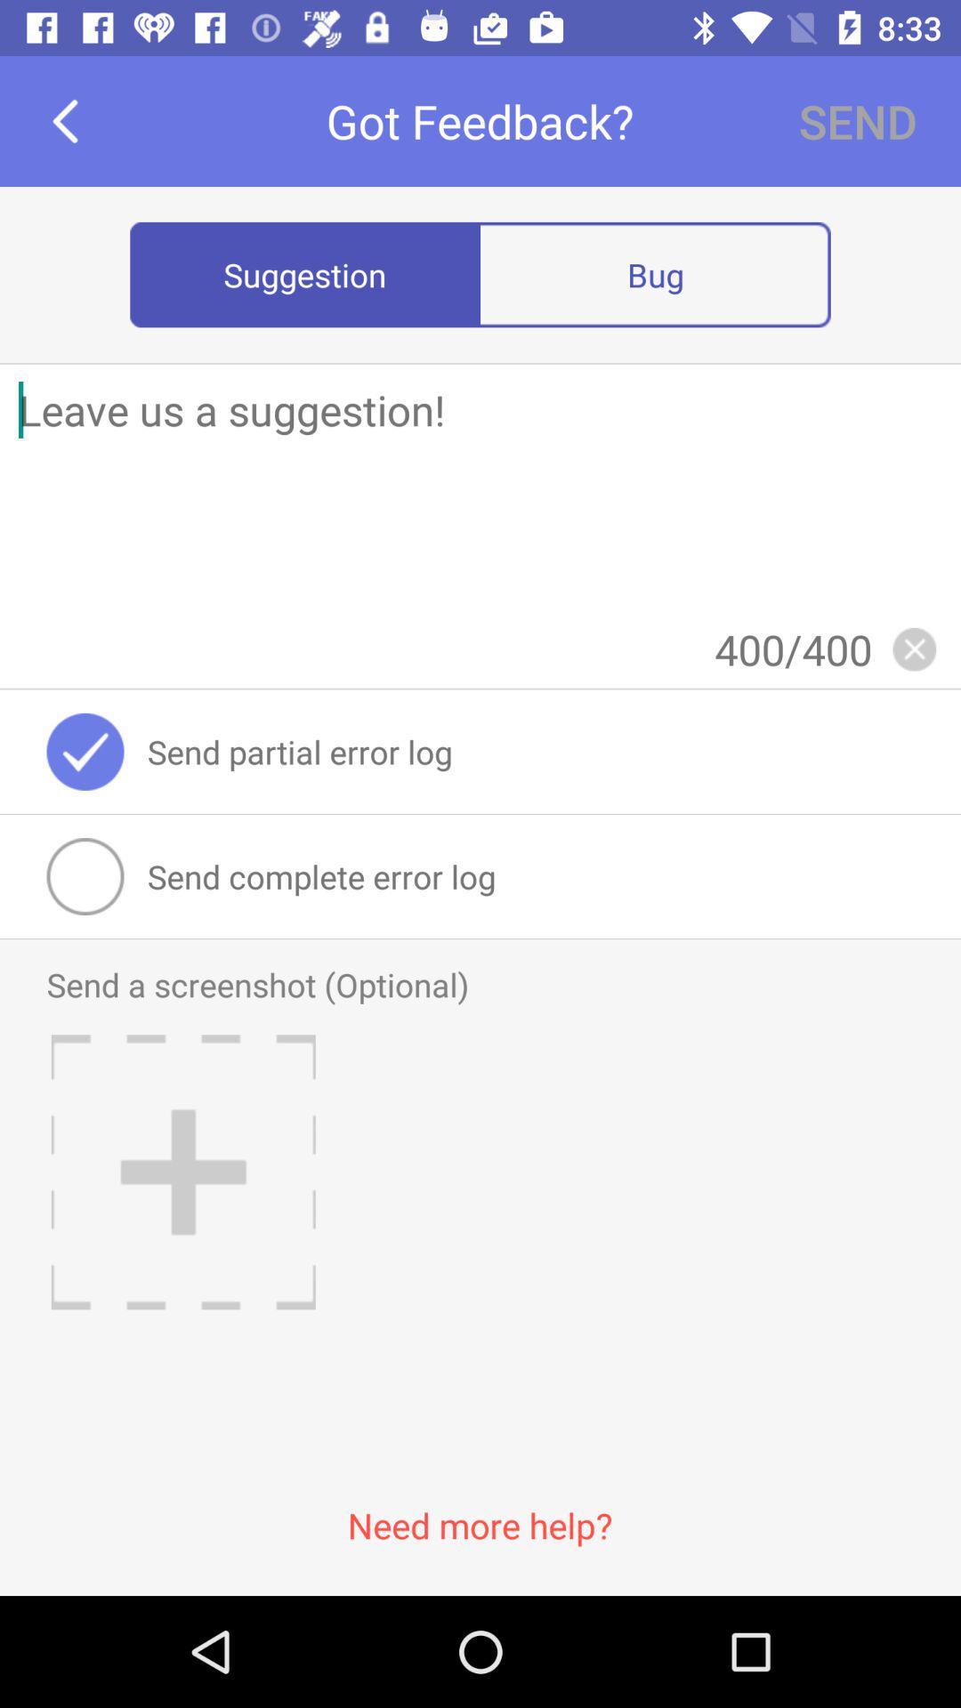 This screenshot has height=1708, width=961. What do you see at coordinates (64, 120) in the screenshot?
I see `the item to the left of got feedback?` at bounding box center [64, 120].